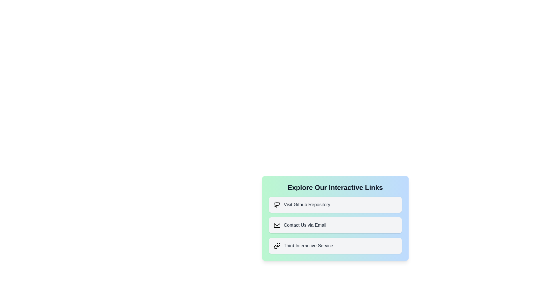 The image size is (549, 308). Describe the element at coordinates (277, 245) in the screenshot. I see `the chain link icon located in the lower right section of the 'Explore Our Interactive Links' card, which represents the 'Third Interactive Service'` at that location.